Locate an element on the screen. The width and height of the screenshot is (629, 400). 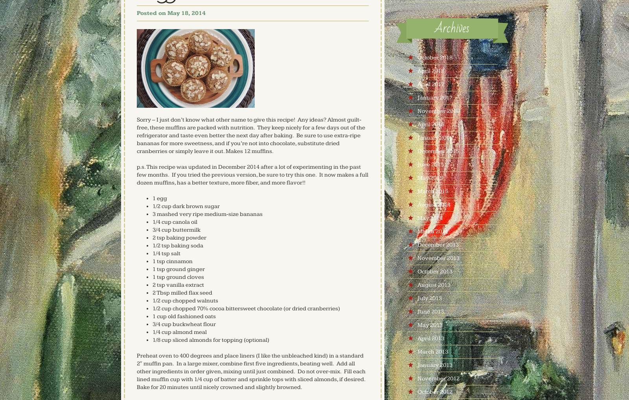
'December 2015' is located at coordinates (417, 151).